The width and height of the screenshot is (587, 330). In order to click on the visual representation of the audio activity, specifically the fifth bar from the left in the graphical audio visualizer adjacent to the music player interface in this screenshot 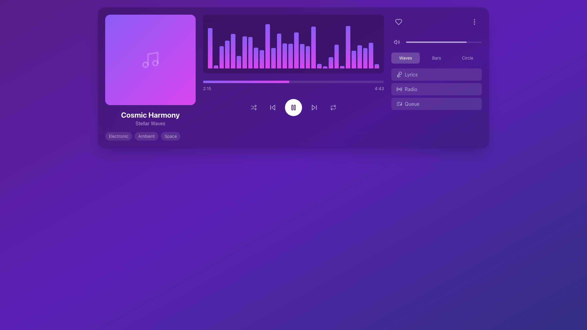, I will do `click(233, 51)`.